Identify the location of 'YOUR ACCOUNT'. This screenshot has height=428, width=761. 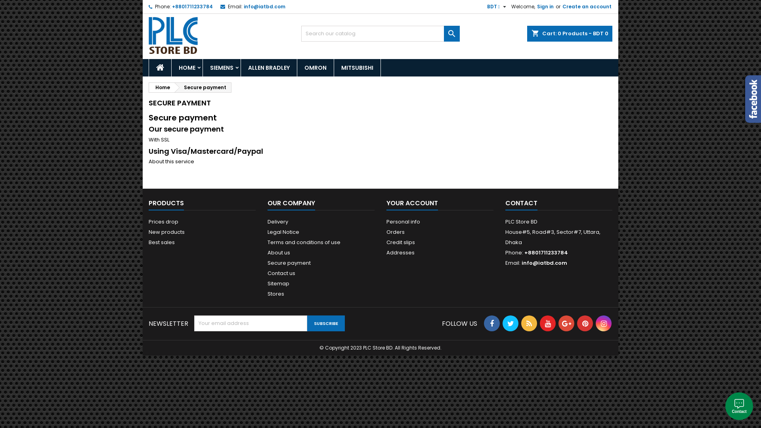
(386, 203).